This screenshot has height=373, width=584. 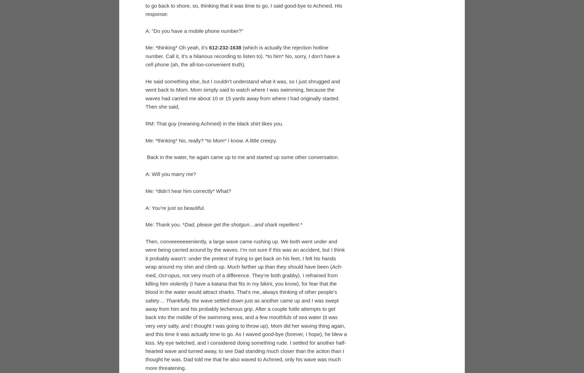 I want to click on '?', so click(x=180, y=68).